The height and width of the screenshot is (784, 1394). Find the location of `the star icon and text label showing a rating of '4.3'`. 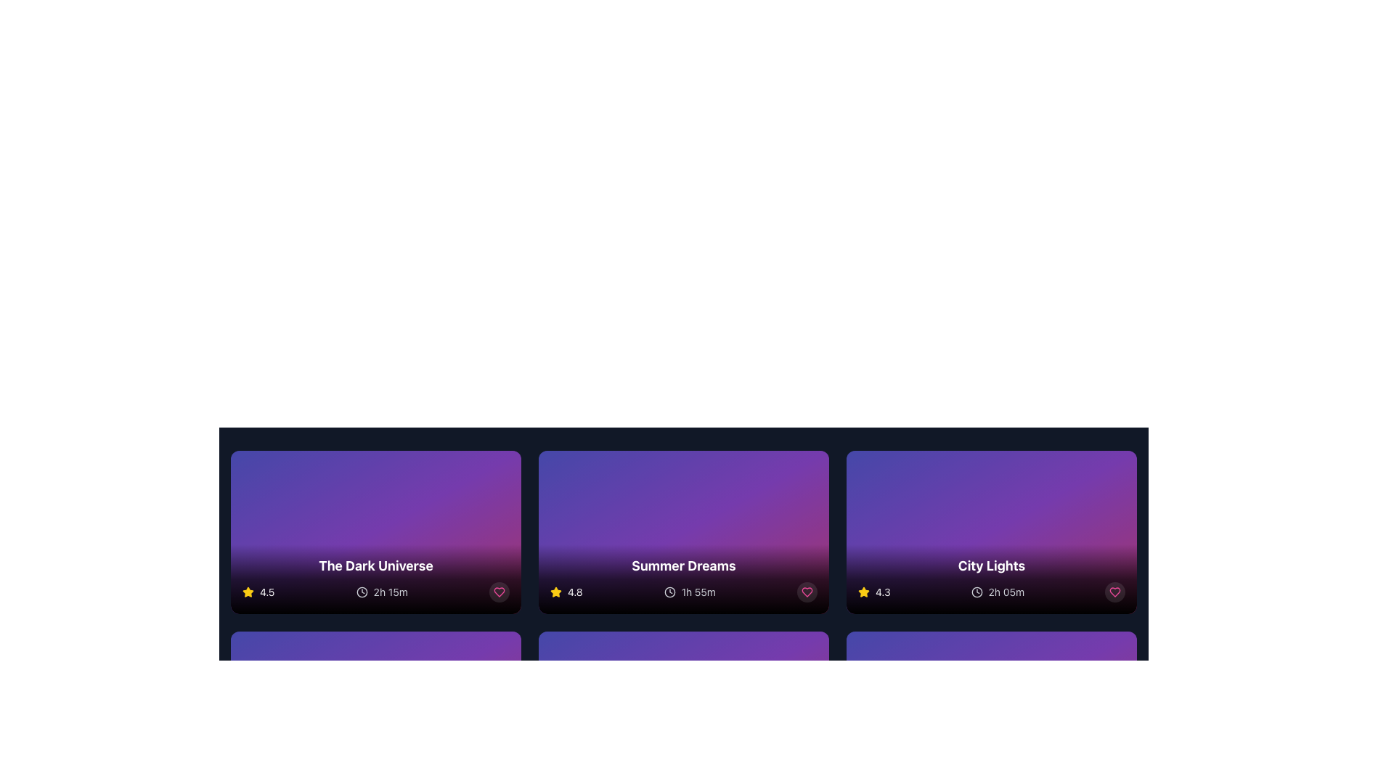

the star icon and text label showing a rating of '4.3' is located at coordinates (873, 592).